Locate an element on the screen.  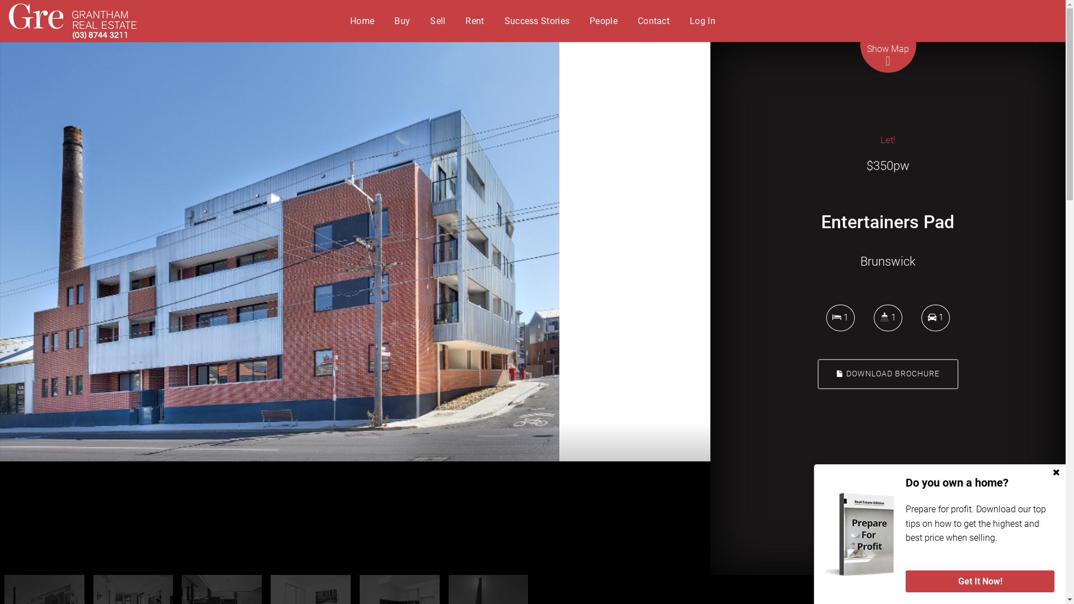
'Contact' is located at coordinates (638, 21).